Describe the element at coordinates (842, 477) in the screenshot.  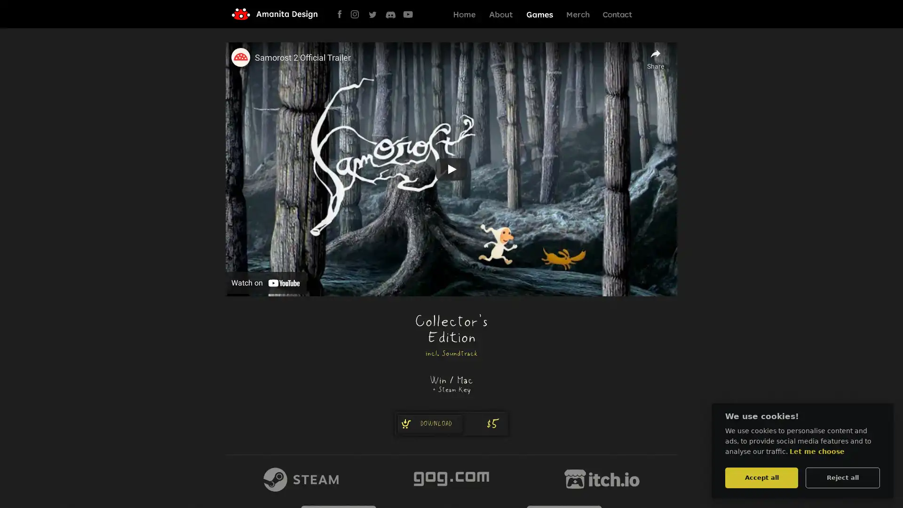
I see `Reject all` at that location.